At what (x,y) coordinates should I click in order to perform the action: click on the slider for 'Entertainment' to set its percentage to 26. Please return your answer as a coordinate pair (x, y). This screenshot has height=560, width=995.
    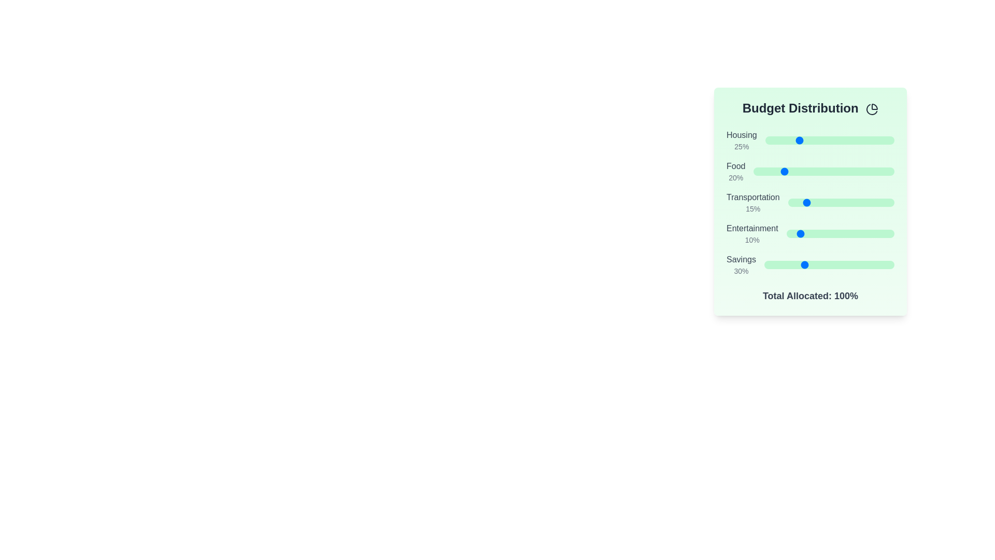
    Looking at the image, I should click on (814, 234).